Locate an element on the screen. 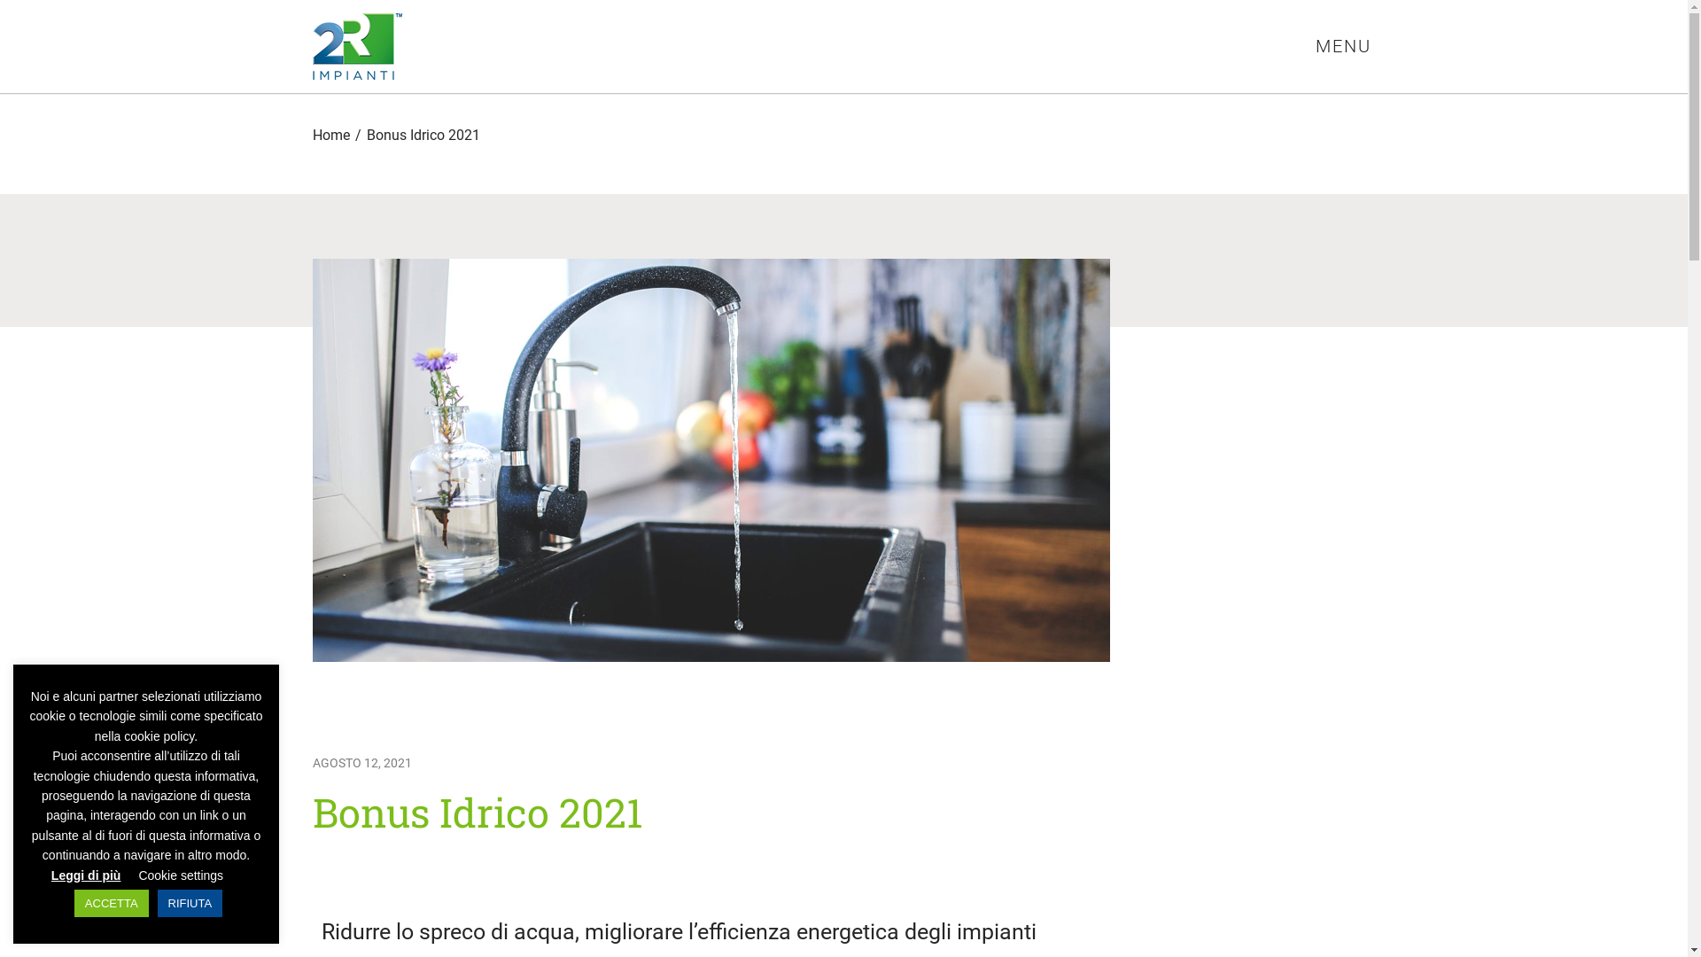  'Home' is located at coordinates (330, 134).